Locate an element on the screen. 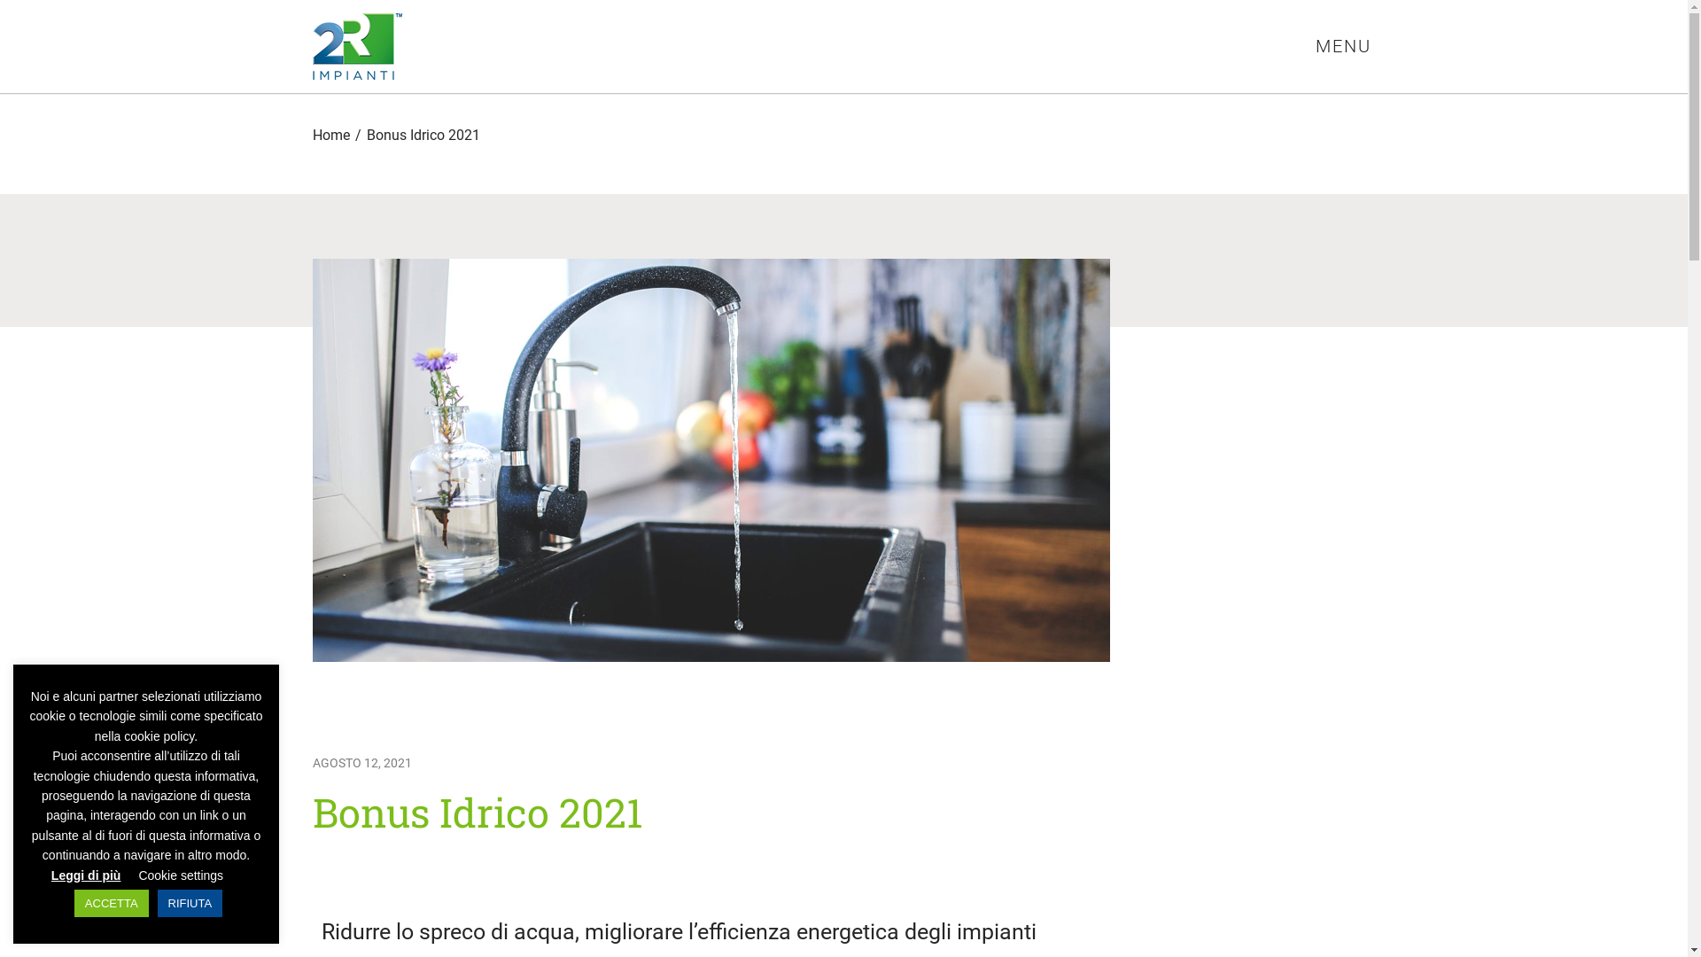  'Home' is located at coordinates (330, 134).